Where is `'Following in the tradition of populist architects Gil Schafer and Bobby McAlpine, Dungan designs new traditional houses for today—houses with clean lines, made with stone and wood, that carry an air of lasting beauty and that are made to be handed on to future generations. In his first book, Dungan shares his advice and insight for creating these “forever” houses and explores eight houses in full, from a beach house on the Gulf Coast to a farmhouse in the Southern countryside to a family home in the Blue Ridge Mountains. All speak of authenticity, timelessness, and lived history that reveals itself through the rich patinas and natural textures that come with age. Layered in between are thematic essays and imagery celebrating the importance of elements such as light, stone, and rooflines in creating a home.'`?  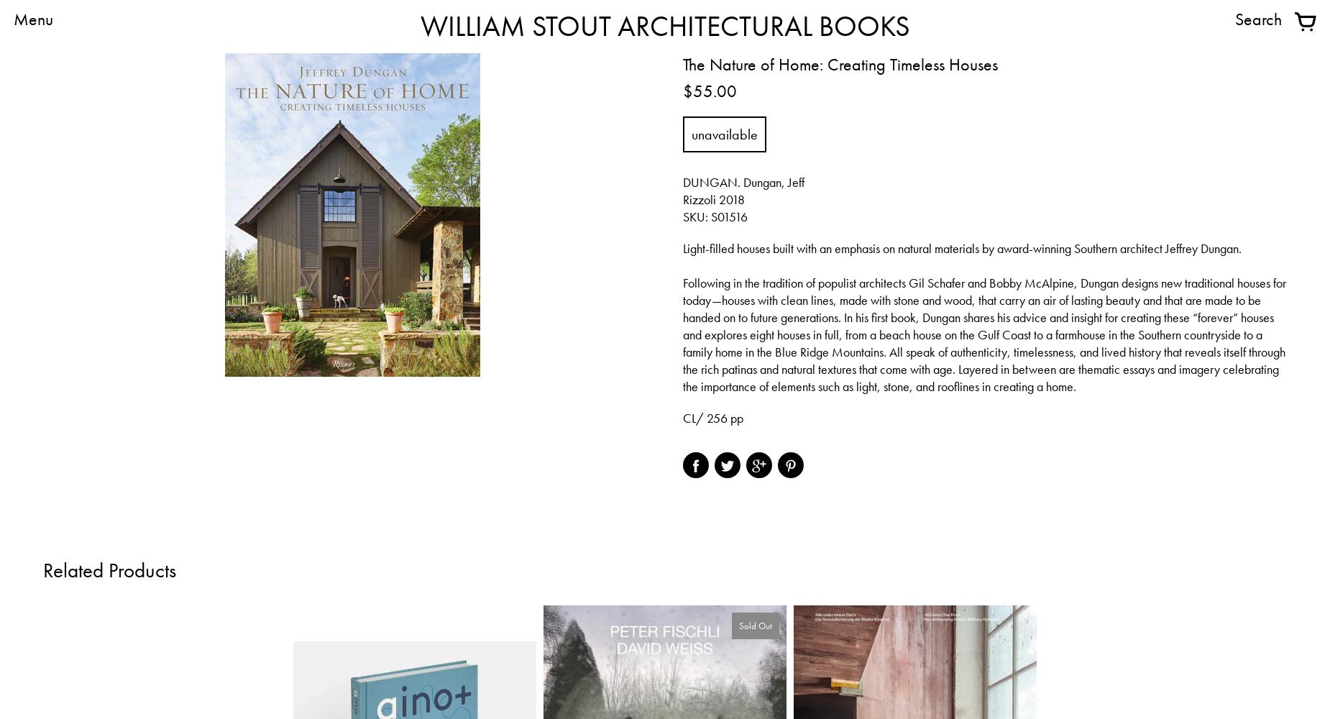 'Following in the tradition of populist architects Gil Schafer and Bobby McAlpine, Dungan designs new traditional houses for today—houses with clean lines, made with stone and wood, that carry an air of lasting beauty and that are made to be handed on to future generations. In his first book, Dungan shares his advice and insight for creating these “forever” houses and explores eight houses in full, from a beach house on the Gulf Coast to a farmhouse in the Southern countryside to a family home in the Blue Ridge Mountains. All speak of authenticity, timelessness, and lived history that reveals itself through the rich patinas and natural textures that come with age. Layered in between are thematic essays and imagery celebrating the importance of elements such as light, stone, and rooflines in creating a home.' is located at coordinates (983, 334).